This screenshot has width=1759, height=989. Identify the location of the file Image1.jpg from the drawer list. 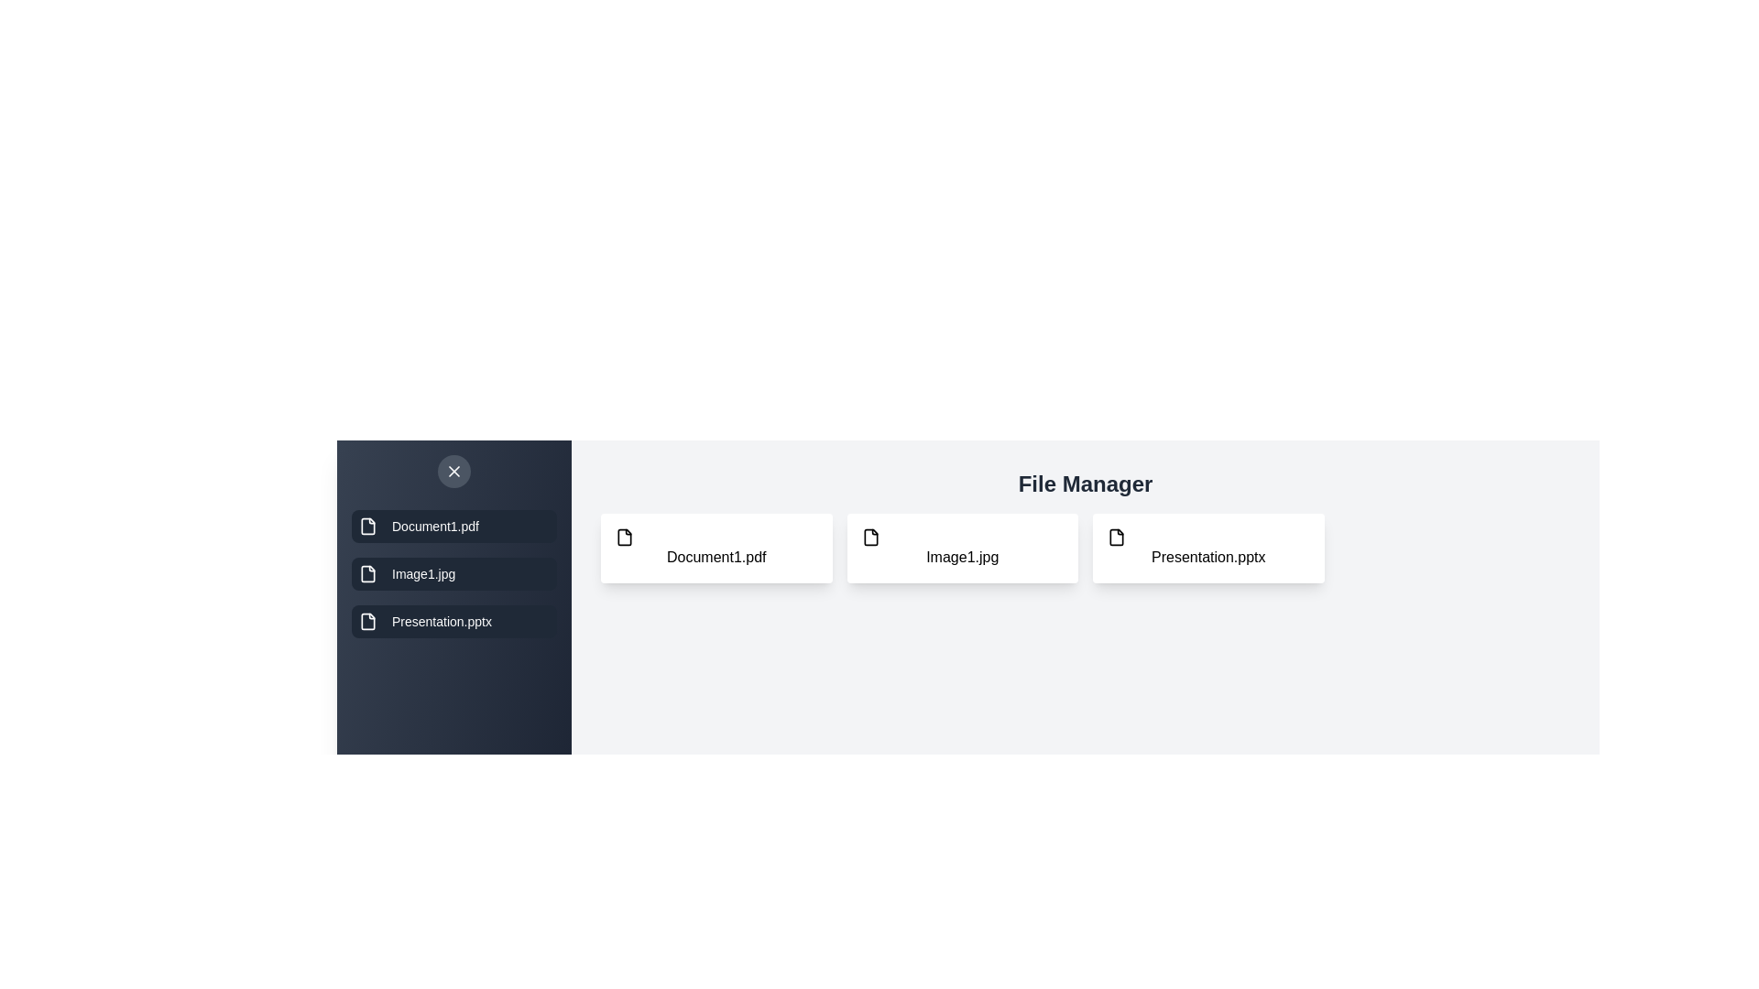
(453, 573).